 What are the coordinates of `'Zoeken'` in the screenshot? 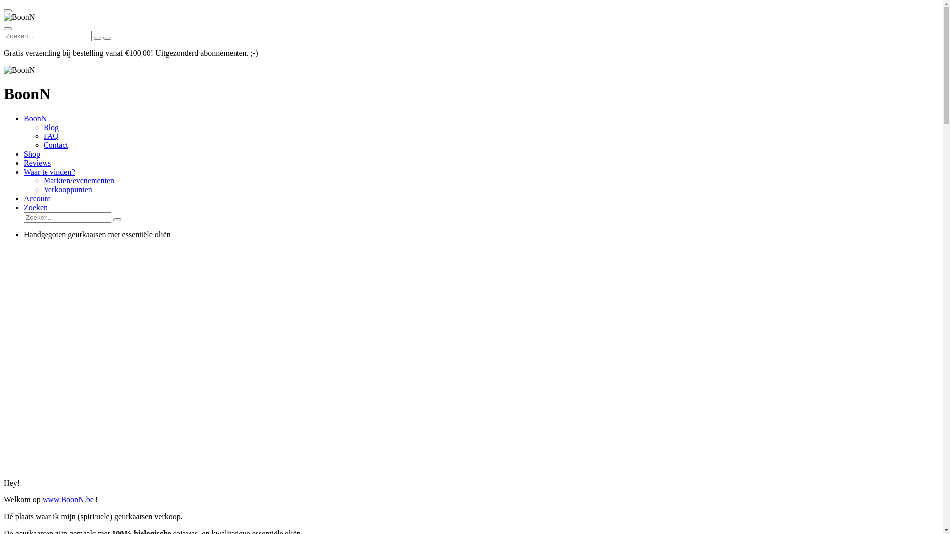 It's located at (36, 207).